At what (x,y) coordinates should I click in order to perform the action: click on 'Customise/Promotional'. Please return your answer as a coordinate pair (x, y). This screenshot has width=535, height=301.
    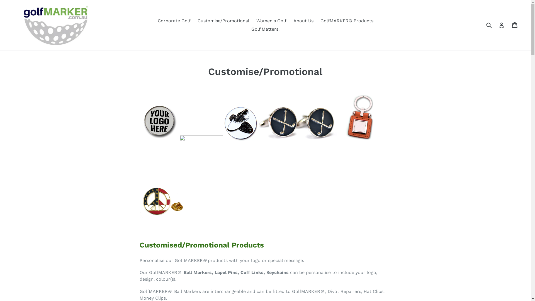
    Looking at the image, I should click on (223, 20).